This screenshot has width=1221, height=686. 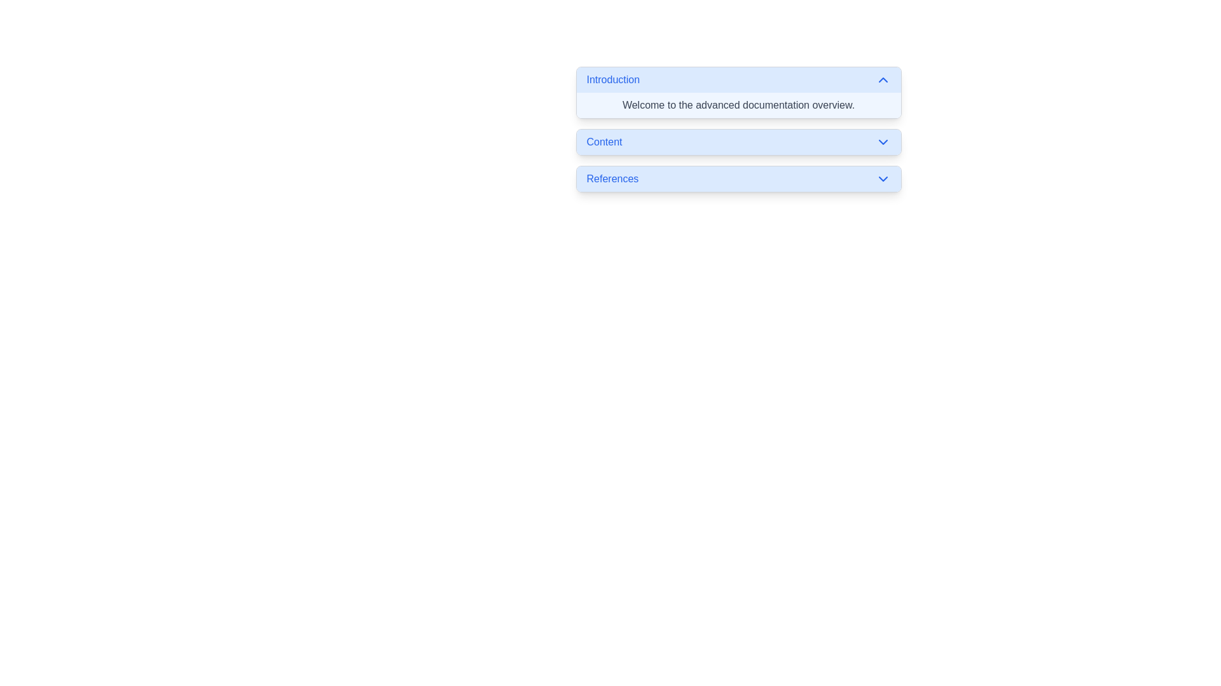 I want to click on the second Collapsible Section Header, so click(x=738, y=130).